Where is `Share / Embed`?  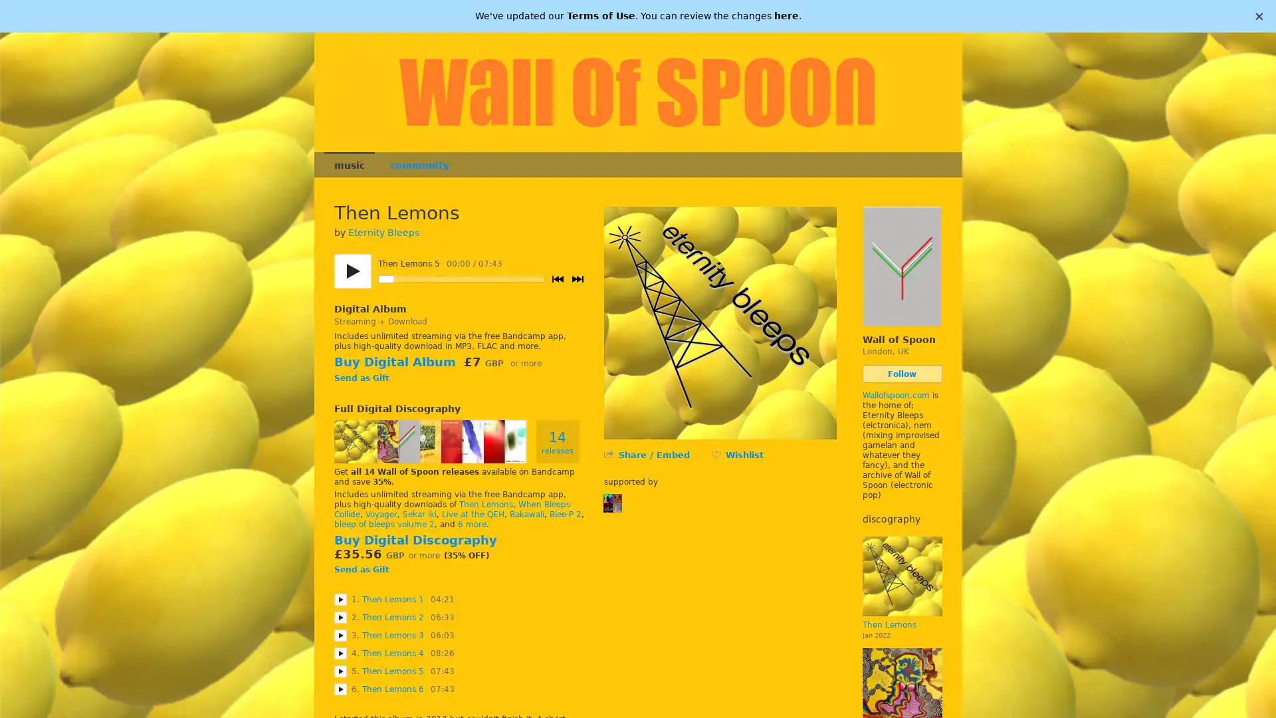 Share / Embed is located at coordinates (653, 454).